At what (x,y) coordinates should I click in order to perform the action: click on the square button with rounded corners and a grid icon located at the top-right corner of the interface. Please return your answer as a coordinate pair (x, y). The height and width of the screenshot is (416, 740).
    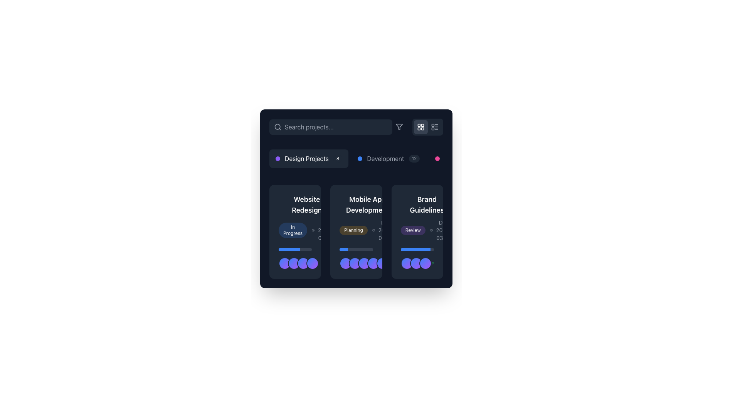
    Looking at the image, I should click on (420, 127).